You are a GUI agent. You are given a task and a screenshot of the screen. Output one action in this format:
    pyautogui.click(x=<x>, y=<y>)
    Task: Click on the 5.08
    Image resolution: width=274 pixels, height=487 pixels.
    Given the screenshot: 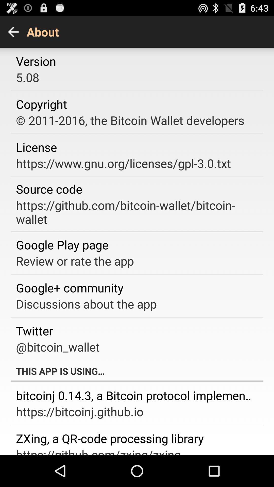 What is the action you would take?
    pyautogui.click(x=27, y=77)
    